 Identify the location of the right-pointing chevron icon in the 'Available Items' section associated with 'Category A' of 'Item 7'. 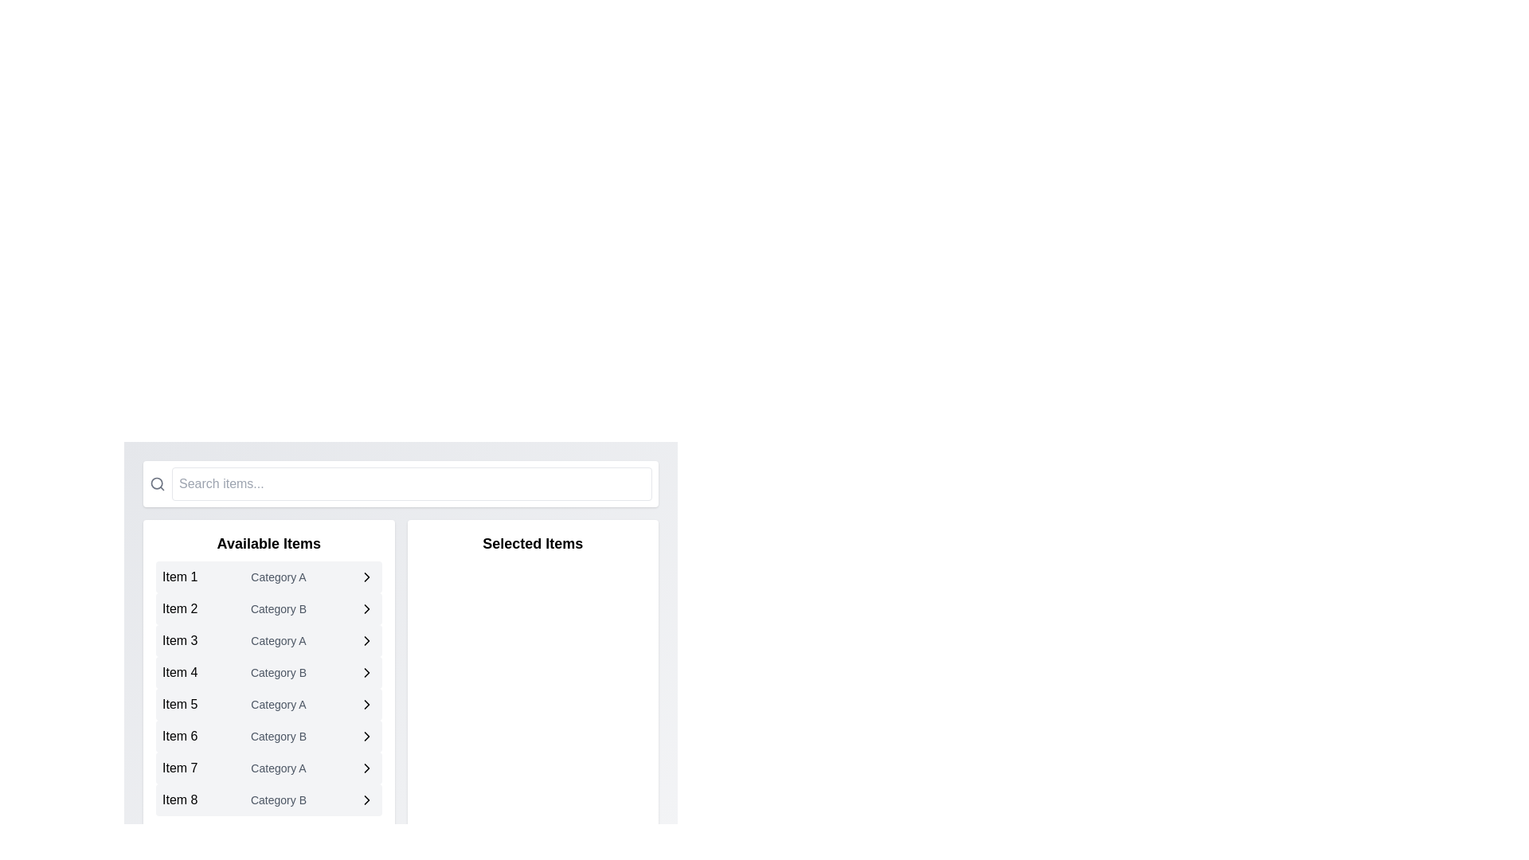
(366, 767).